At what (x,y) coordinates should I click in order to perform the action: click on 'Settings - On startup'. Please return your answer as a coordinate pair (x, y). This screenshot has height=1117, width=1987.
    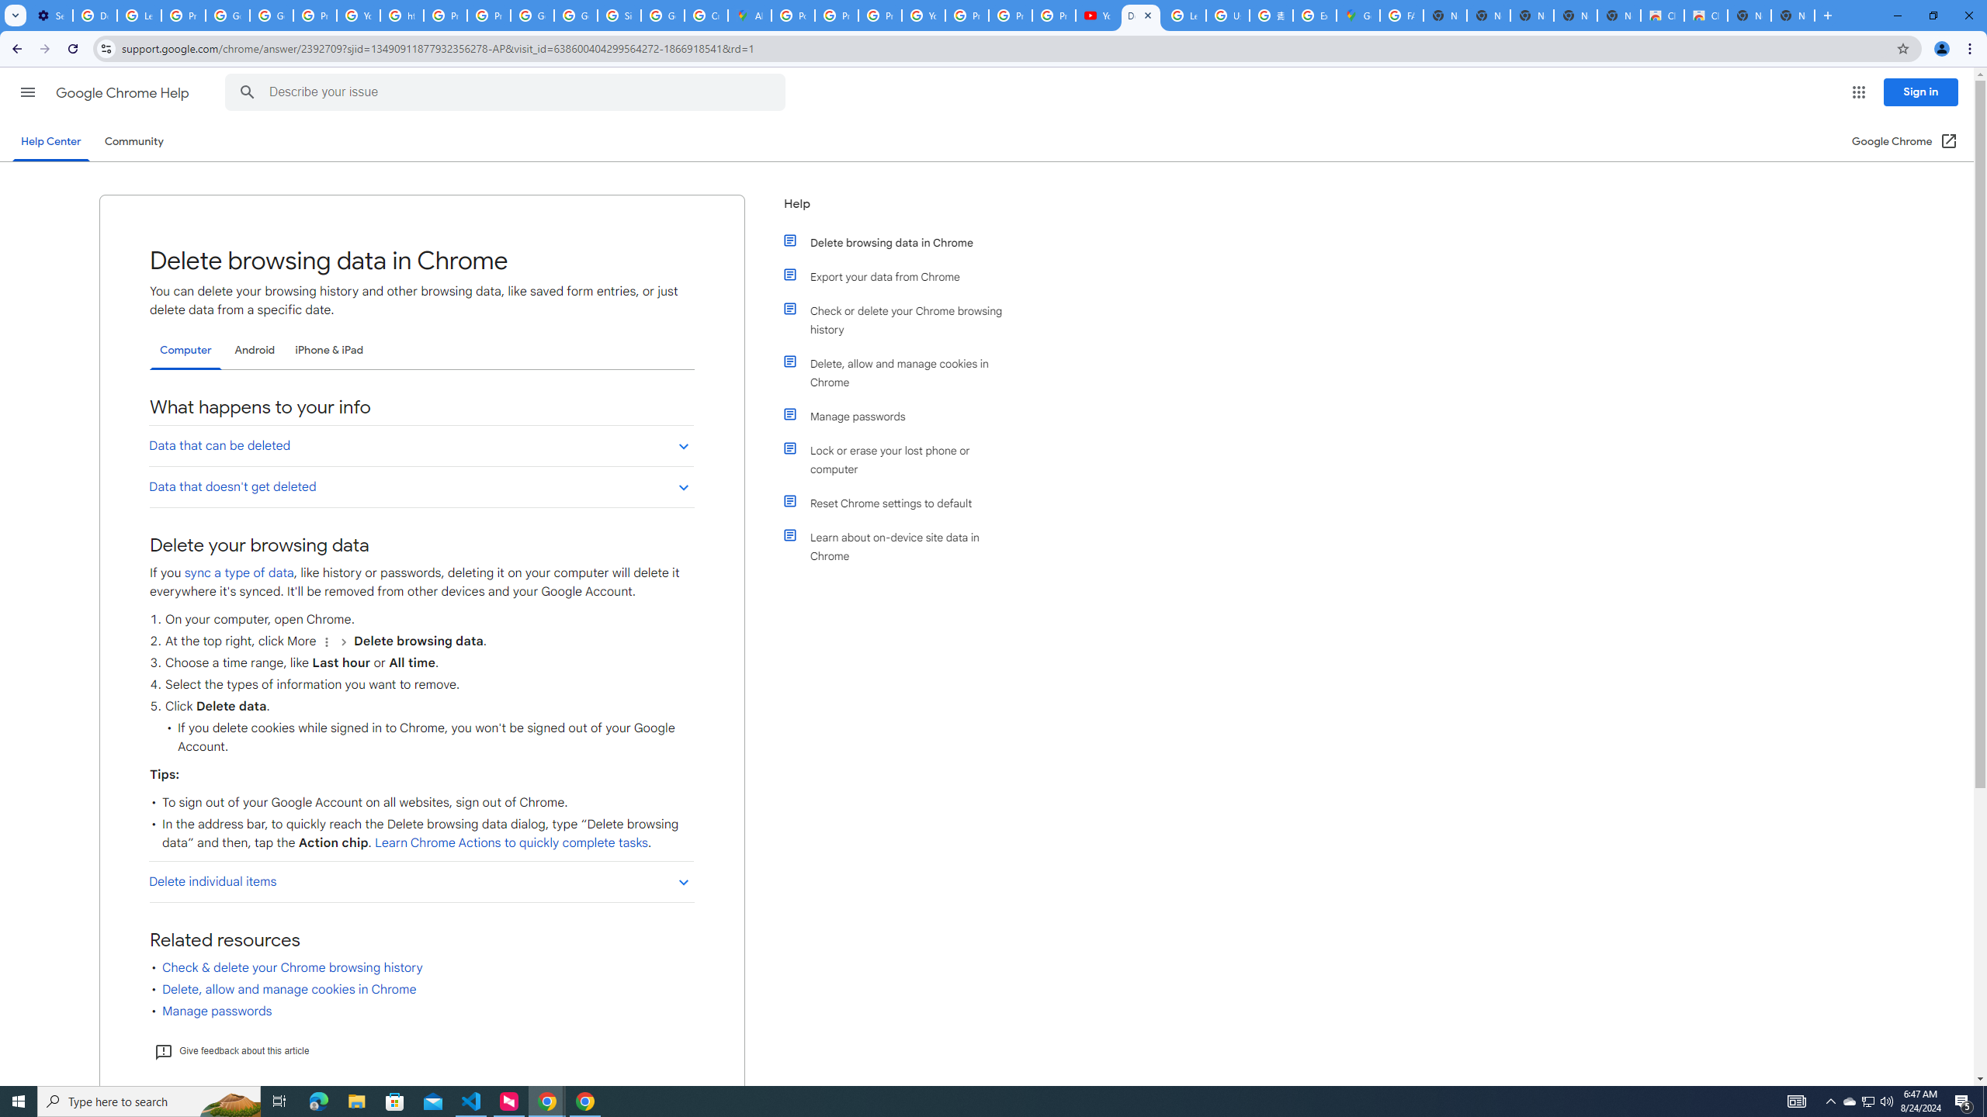
    Looking at the image, I should click on (50, 15).